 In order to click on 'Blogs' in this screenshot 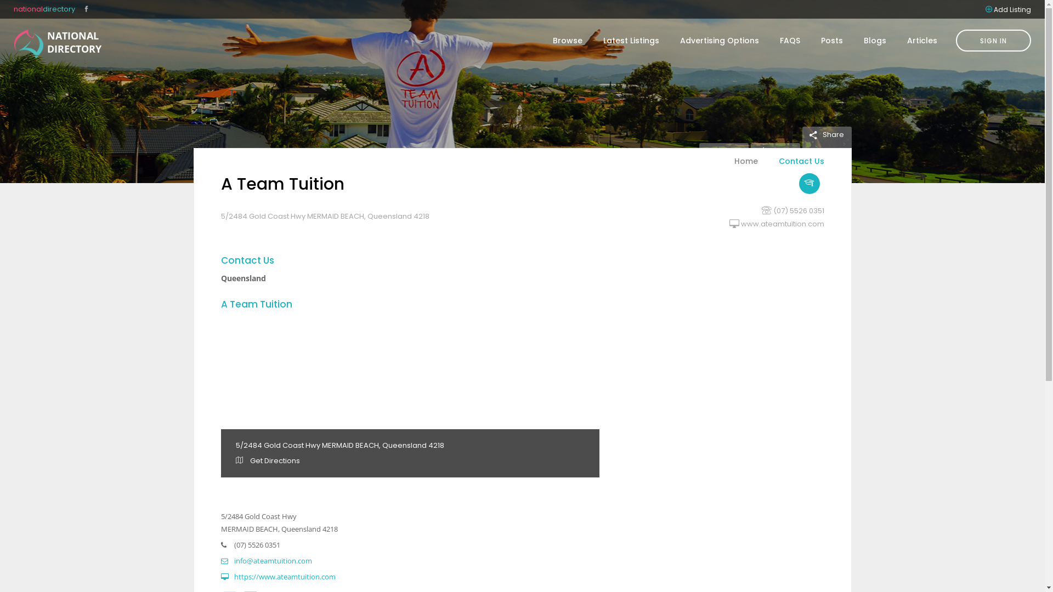, I will do `click(874, 39)`.